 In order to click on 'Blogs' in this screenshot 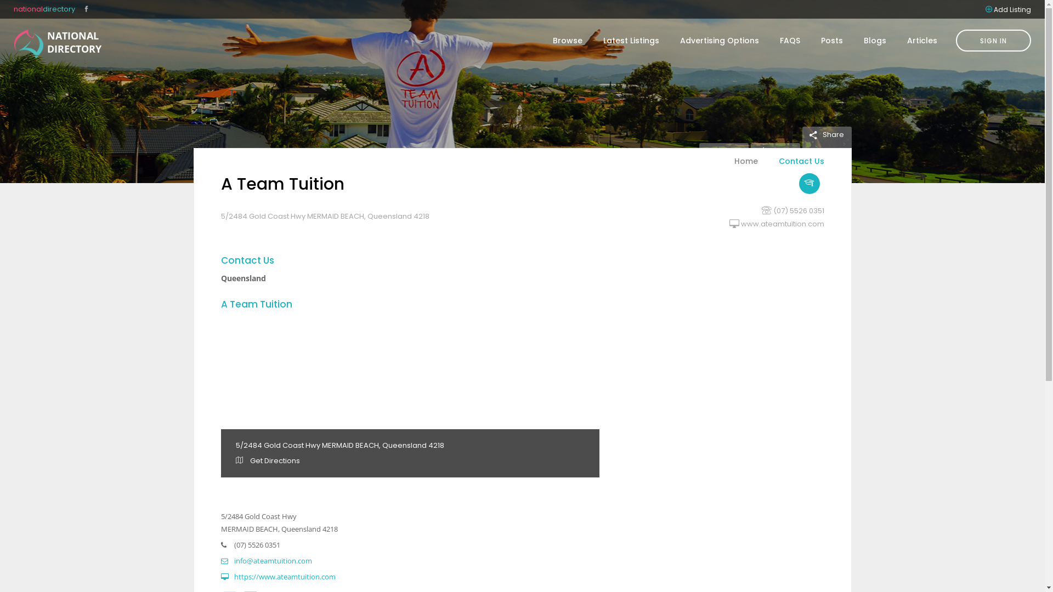, I will do `click(874, 39)`.